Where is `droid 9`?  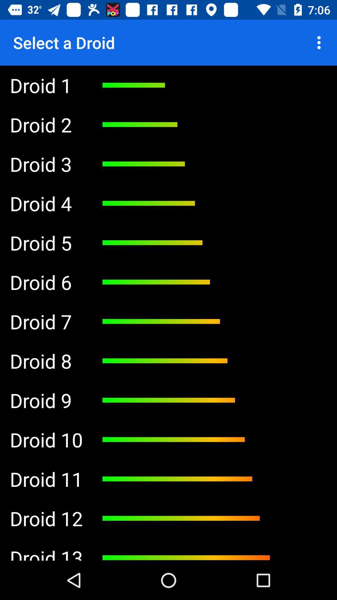 droid 9 is located at coordinates (46, 400).